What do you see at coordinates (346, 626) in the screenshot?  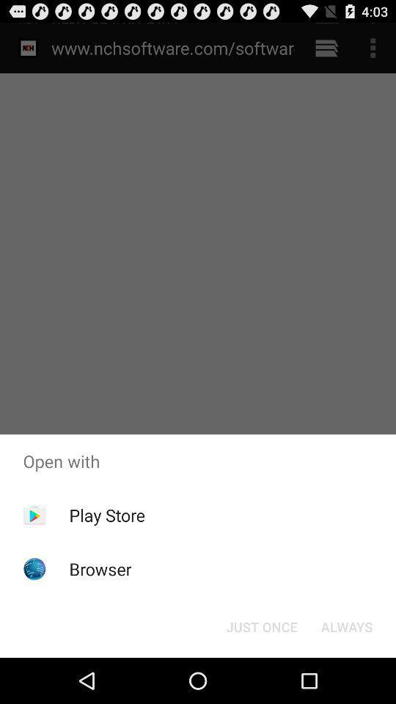 I see `item below the open with` at bounding box center [346, 626].